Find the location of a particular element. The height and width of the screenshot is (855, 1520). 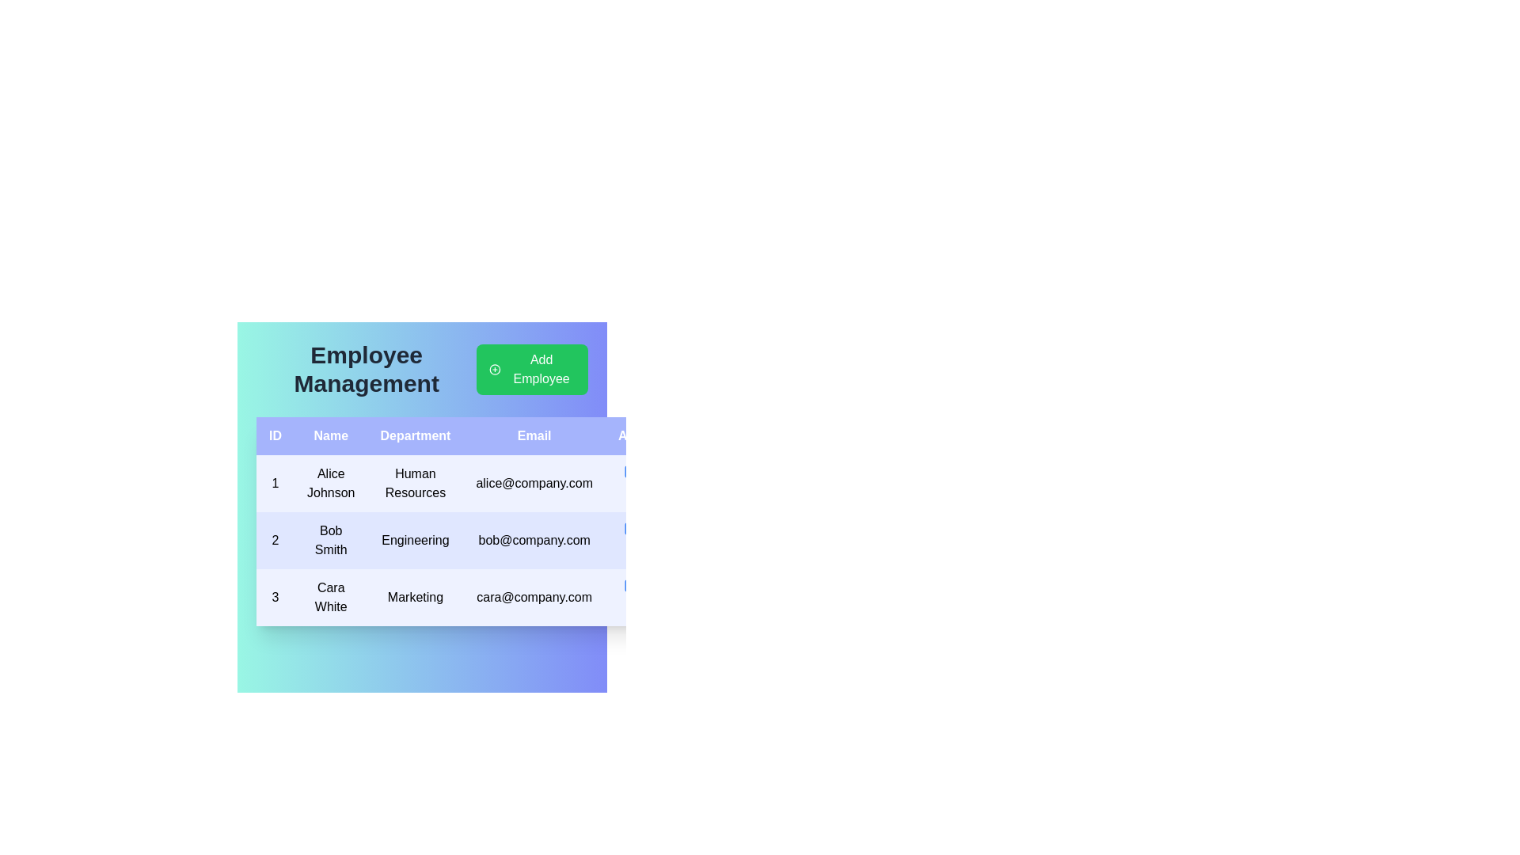

the static text label displaying the email address in the fourth column of the second row of the table, adjacent to 'Engineering' and aligned with 'Bob Smith' and '2' is located at coordinates (534, 539).